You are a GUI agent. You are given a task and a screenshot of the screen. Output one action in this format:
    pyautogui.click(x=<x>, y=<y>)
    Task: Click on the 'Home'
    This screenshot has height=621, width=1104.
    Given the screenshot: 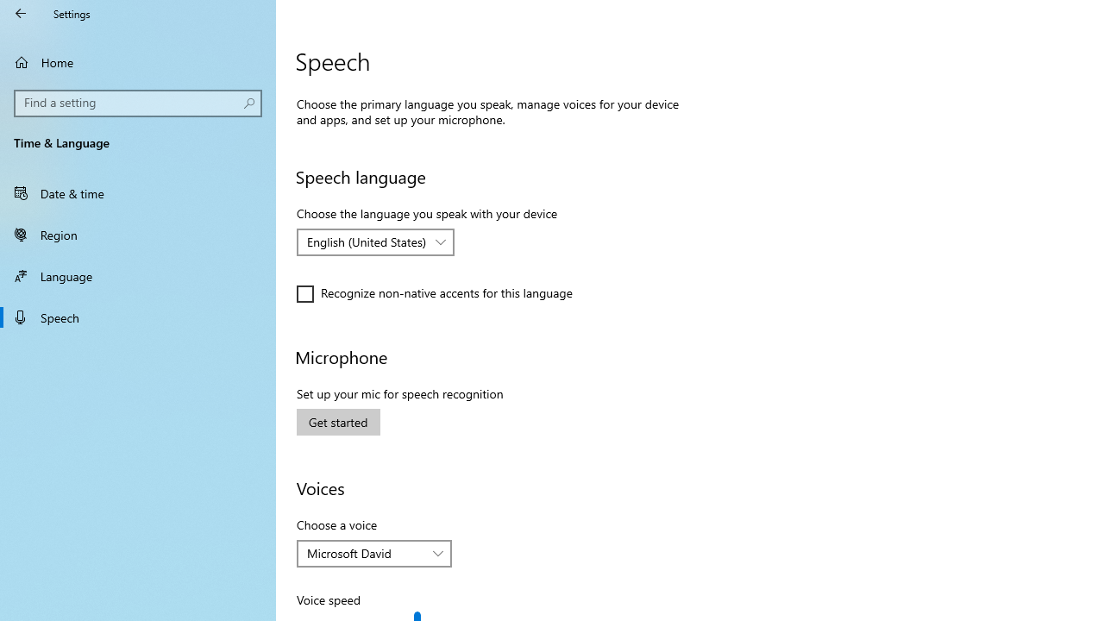 What is the action you would take?
    pyautogui.click(x=138, y=61)
    